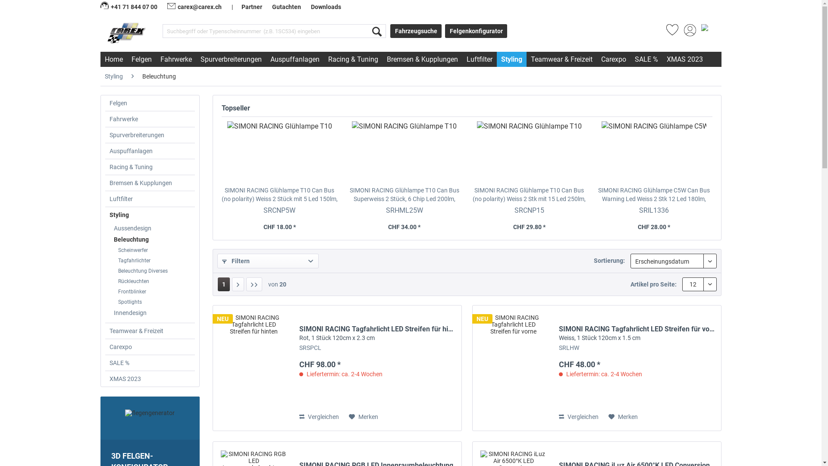 The width and height of the screenshot is (828, 466). I want to click on 'Letzte Seite', so click(253, 284).